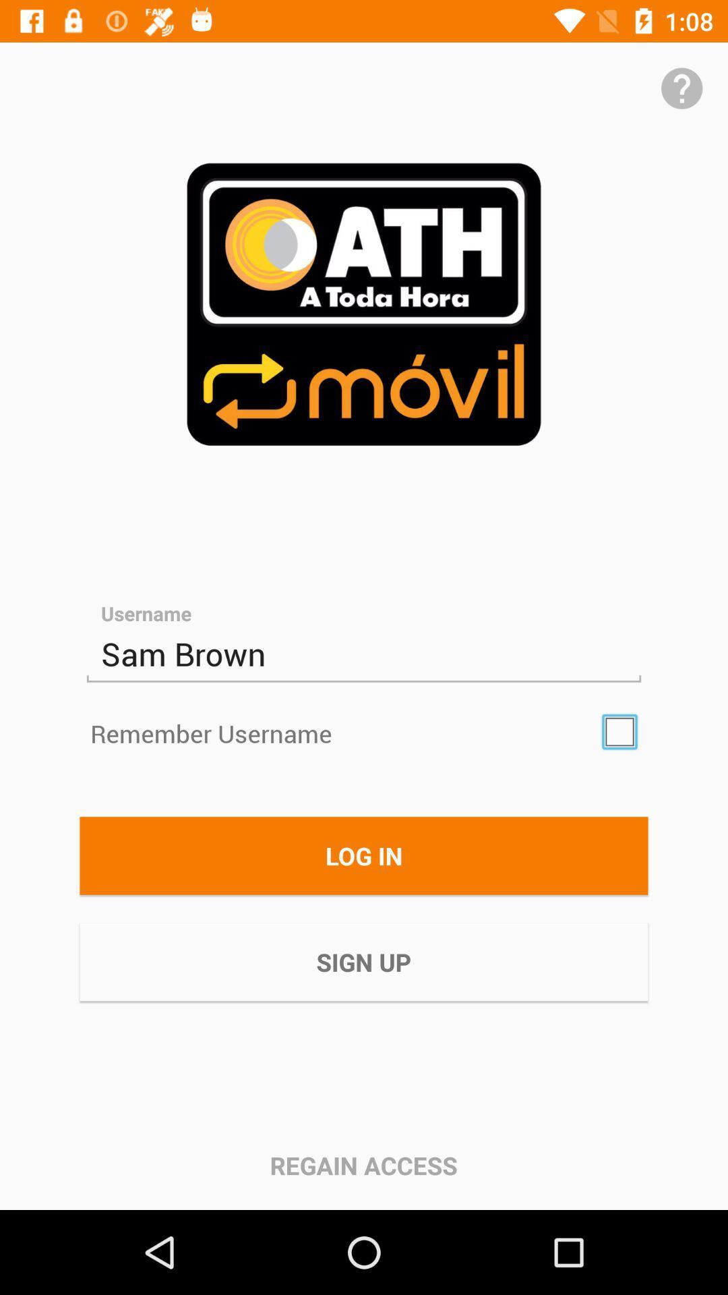  I want to click on help, so click(681, 88).